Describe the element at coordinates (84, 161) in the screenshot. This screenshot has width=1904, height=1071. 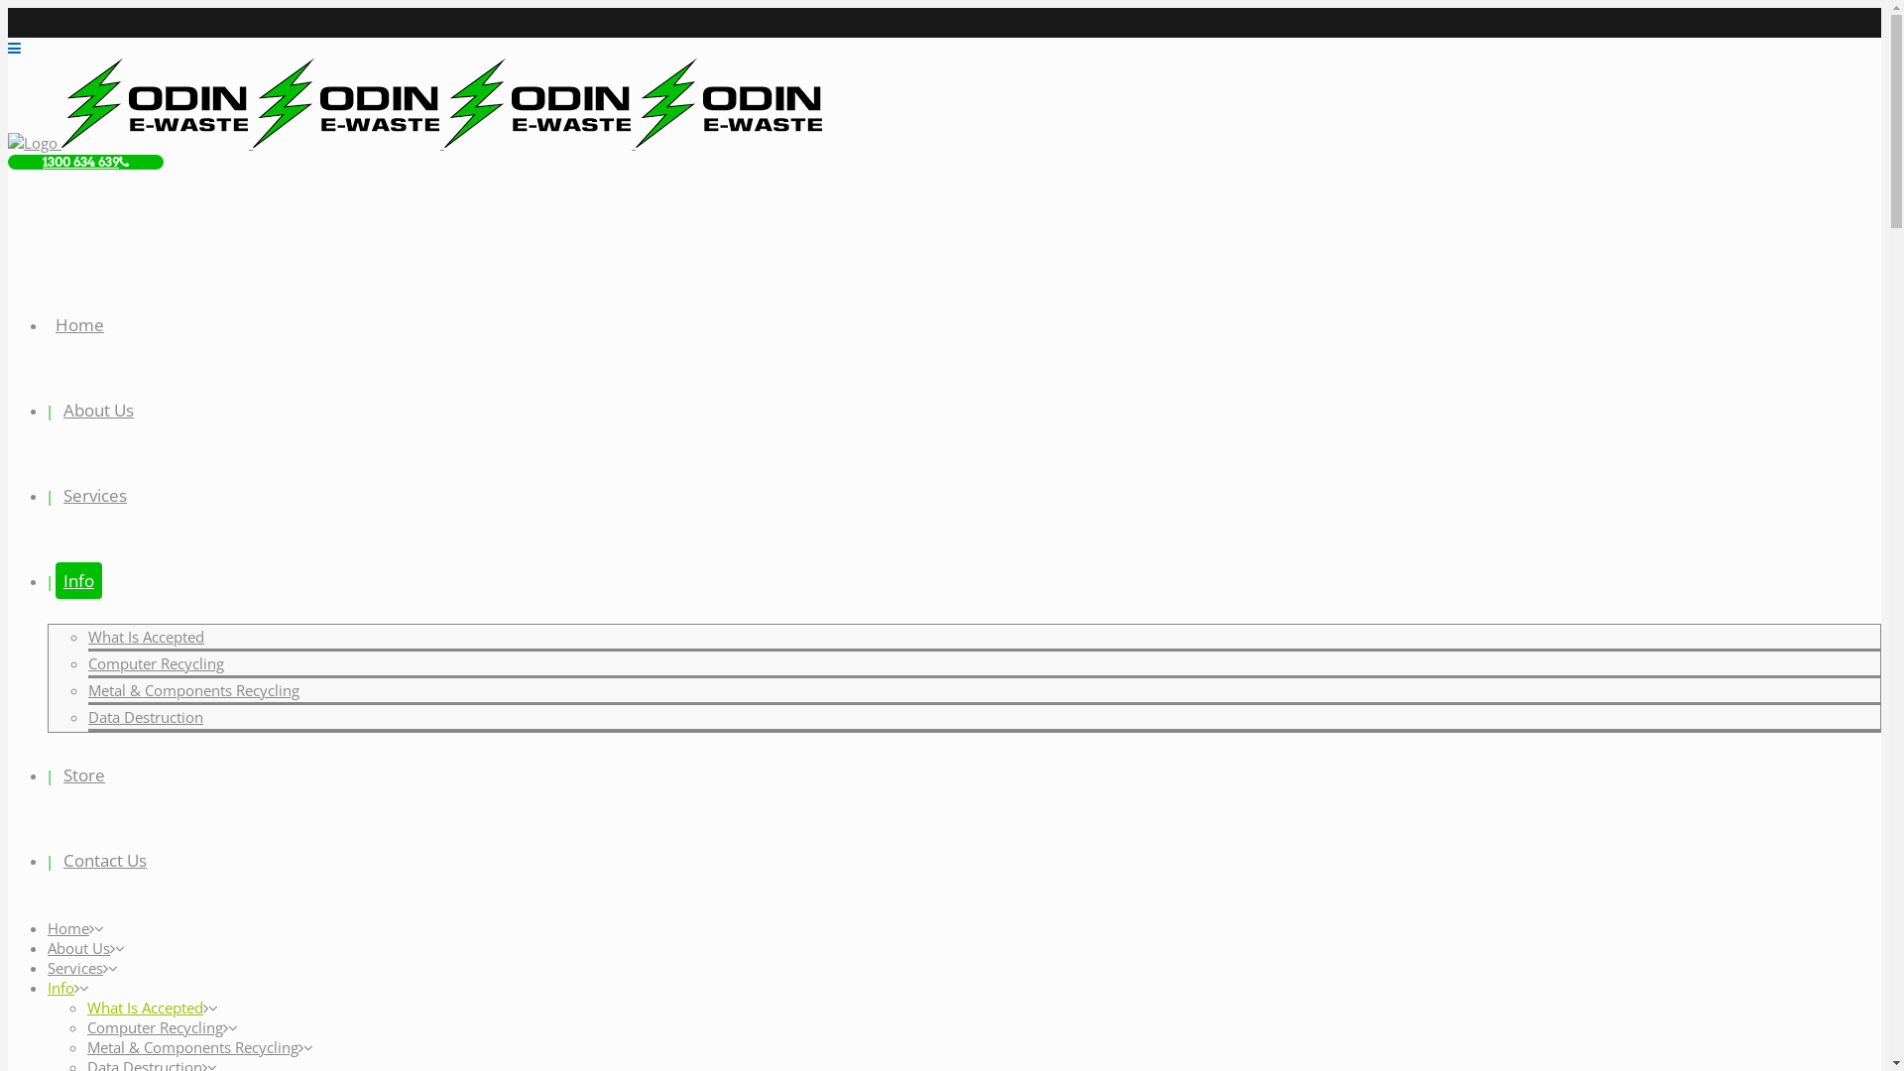
I see `'1300 634 639'` at that location.